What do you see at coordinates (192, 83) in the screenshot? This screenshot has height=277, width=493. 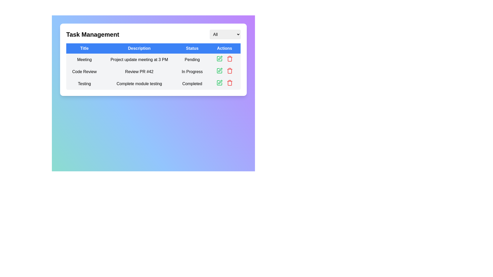 I see `the status label in the last row of the third column of the table, which indicates the task status` at bounding box center [192, 83].